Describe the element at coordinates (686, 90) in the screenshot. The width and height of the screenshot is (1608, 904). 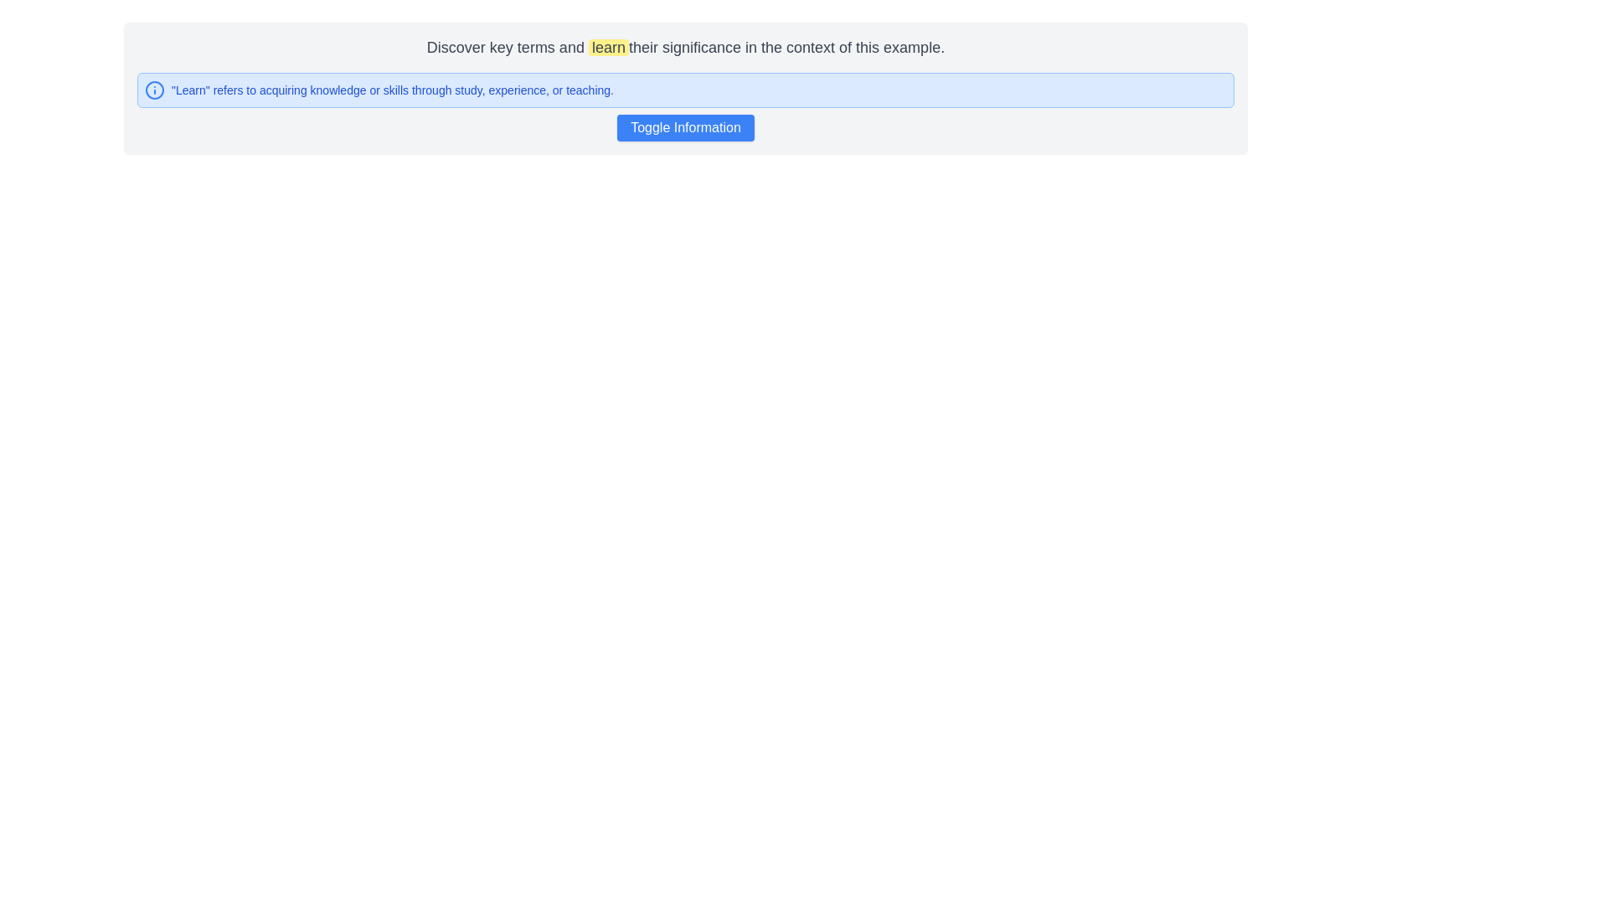
I see `the informational tooltip about the term 'Learn'` at that location.